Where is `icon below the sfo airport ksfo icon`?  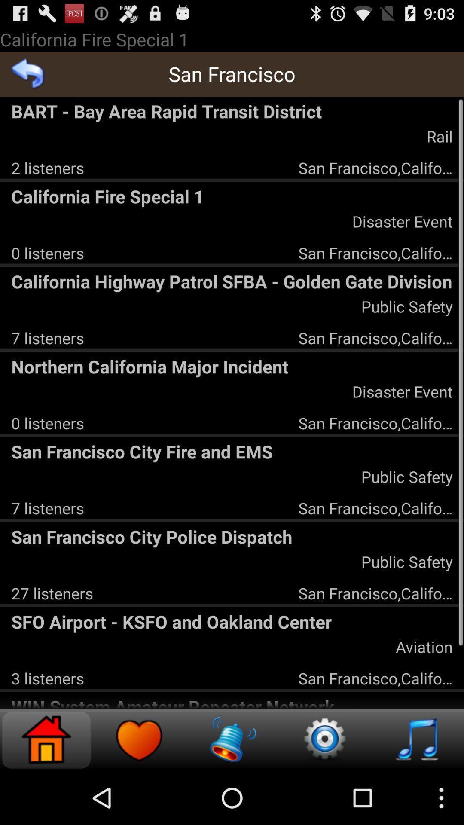
icon below the sfo airport ksfo icon is located at coordinates (48, 678).